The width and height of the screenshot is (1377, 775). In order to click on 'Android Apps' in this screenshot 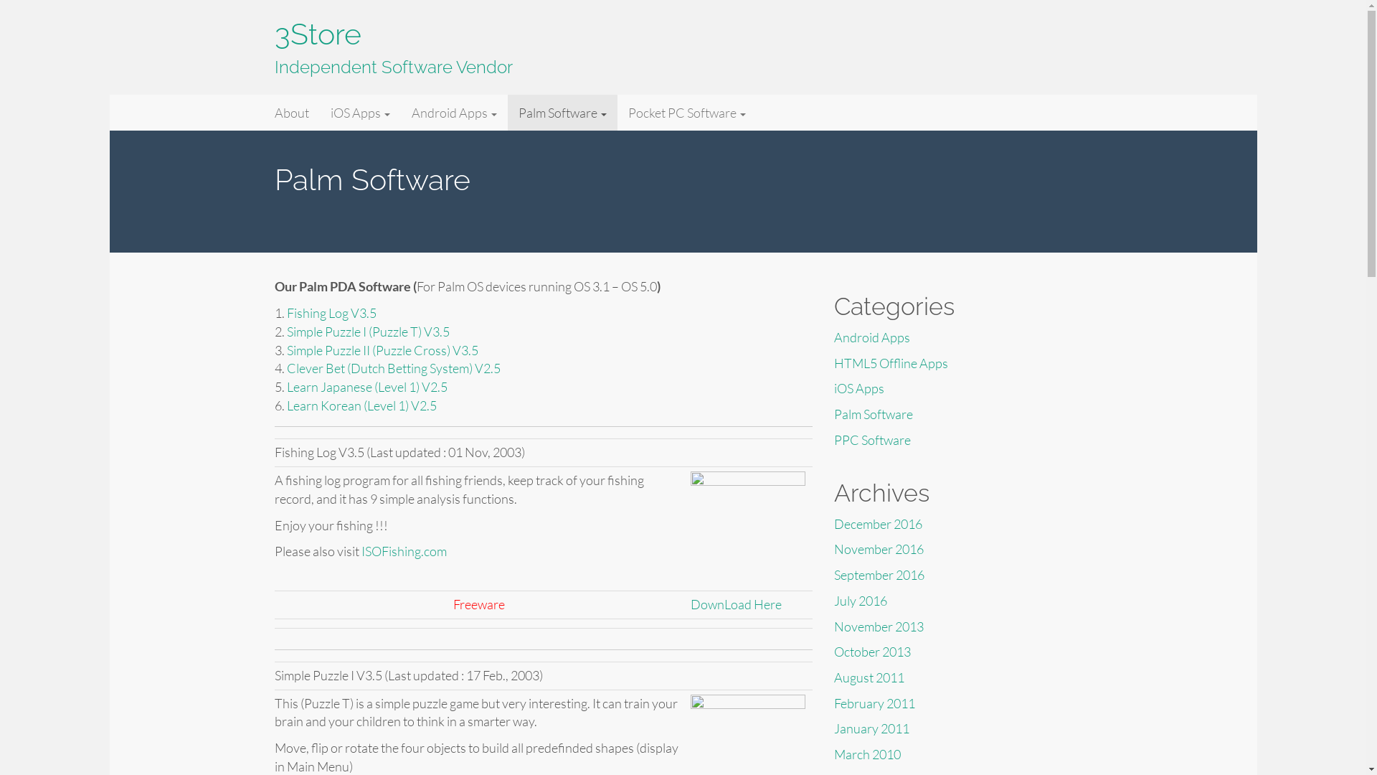, I will do `click(399, 112)`.